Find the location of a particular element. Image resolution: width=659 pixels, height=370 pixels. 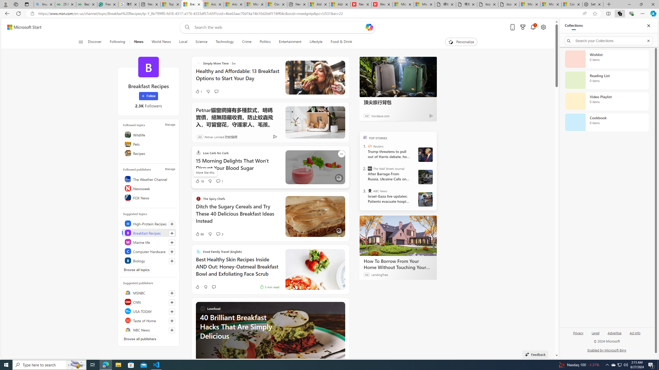

'Privacy' is located at coordinates (578, 332).